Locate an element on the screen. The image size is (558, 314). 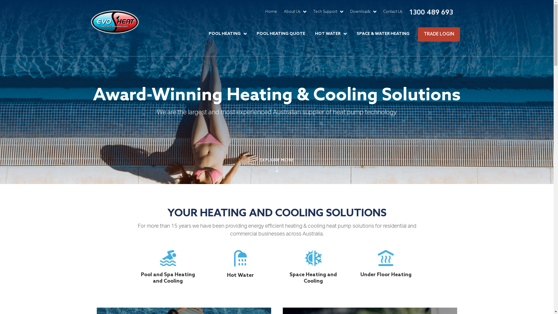
'TRADE LOGIN' is located at coordinates (439, 34).